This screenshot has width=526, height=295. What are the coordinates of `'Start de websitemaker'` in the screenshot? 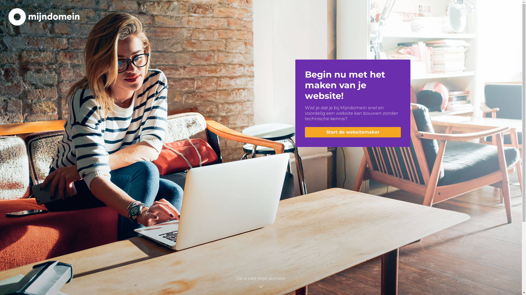 It's located at (352, 132).